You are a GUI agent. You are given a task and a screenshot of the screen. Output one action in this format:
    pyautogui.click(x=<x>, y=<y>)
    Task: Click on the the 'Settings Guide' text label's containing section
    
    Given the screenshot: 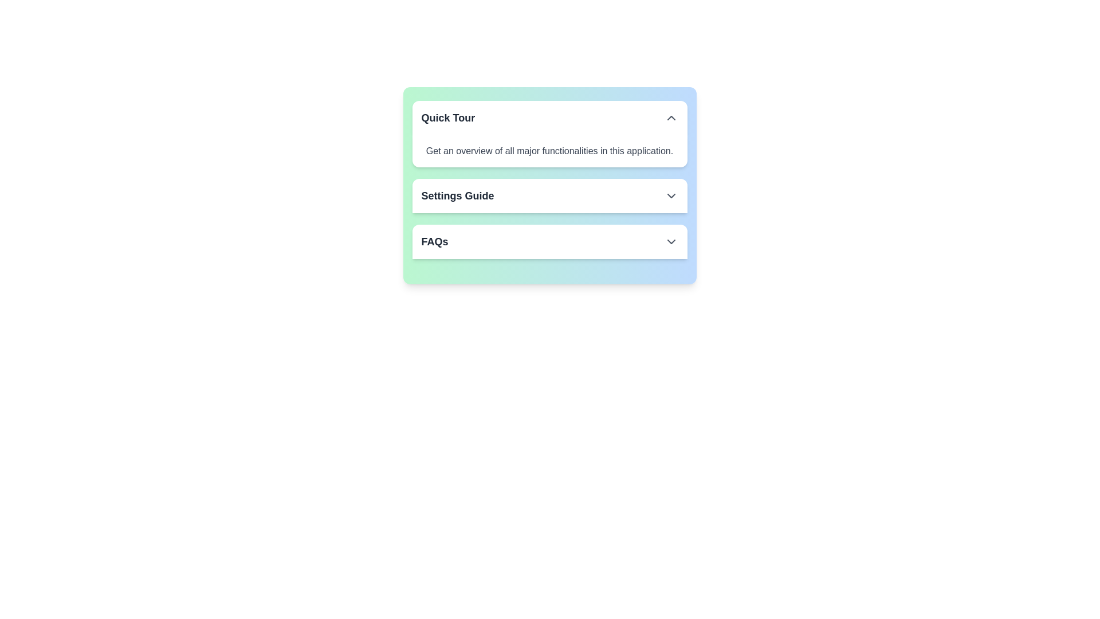 What is the action you would take?
    pyautogui.click(x=457, y=195)
    